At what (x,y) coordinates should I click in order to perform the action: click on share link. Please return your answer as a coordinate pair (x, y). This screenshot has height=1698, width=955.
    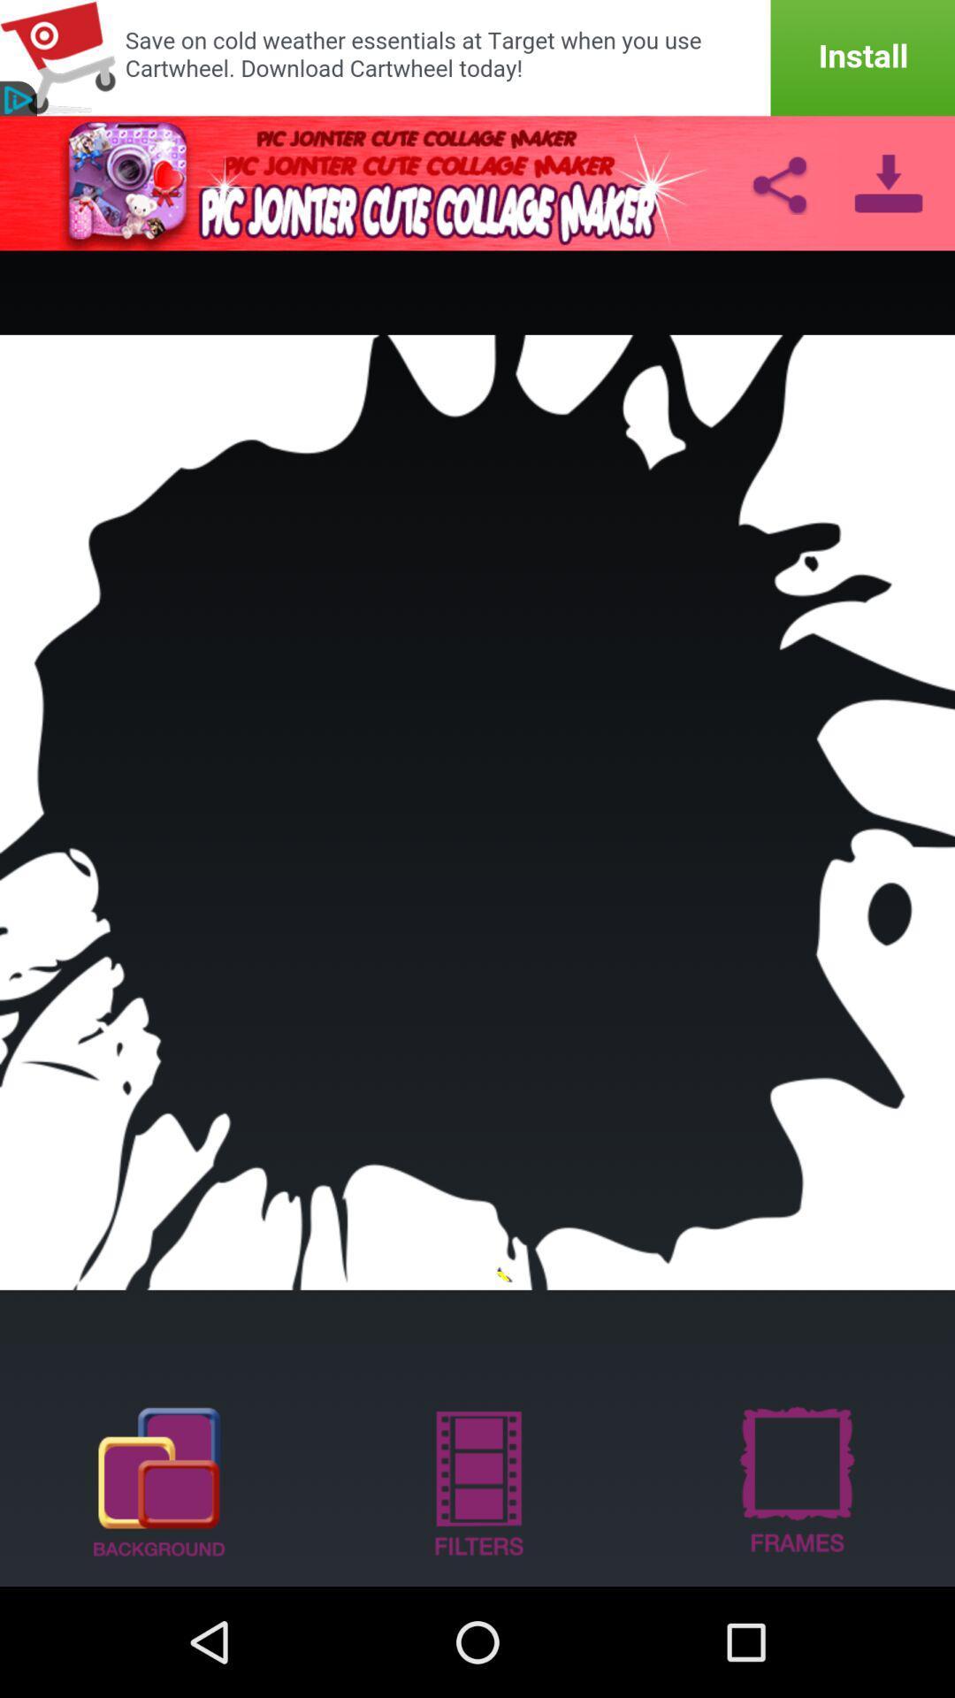
    Looking at the image, I should click on (778, 182).